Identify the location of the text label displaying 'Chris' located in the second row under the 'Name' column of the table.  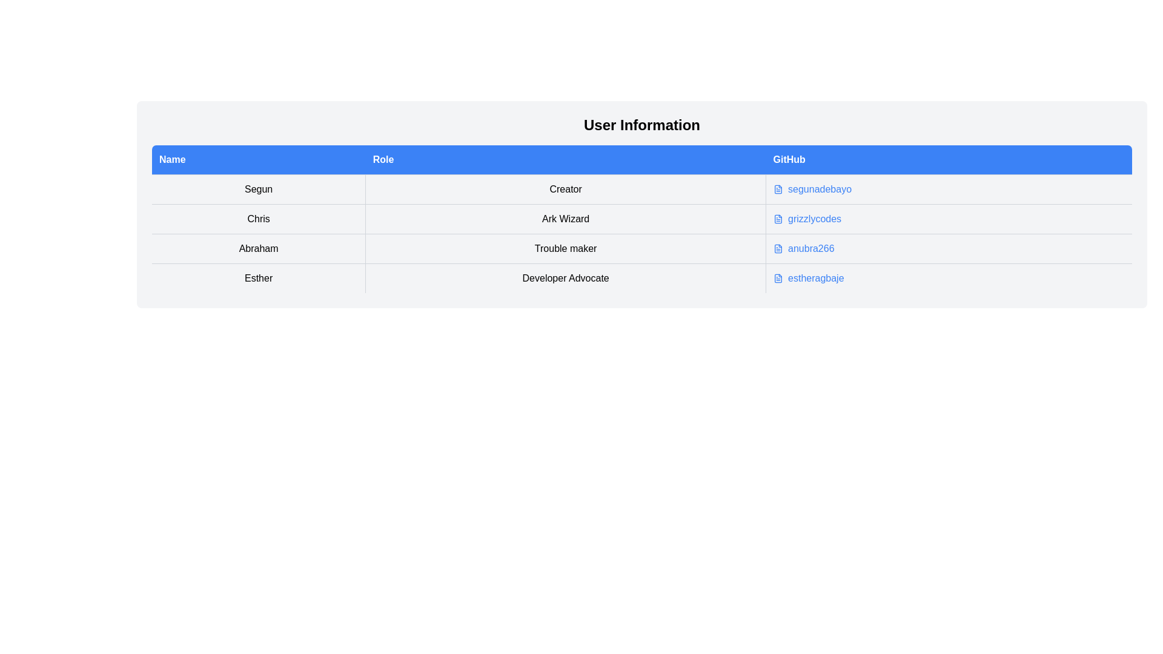
(258, 219).